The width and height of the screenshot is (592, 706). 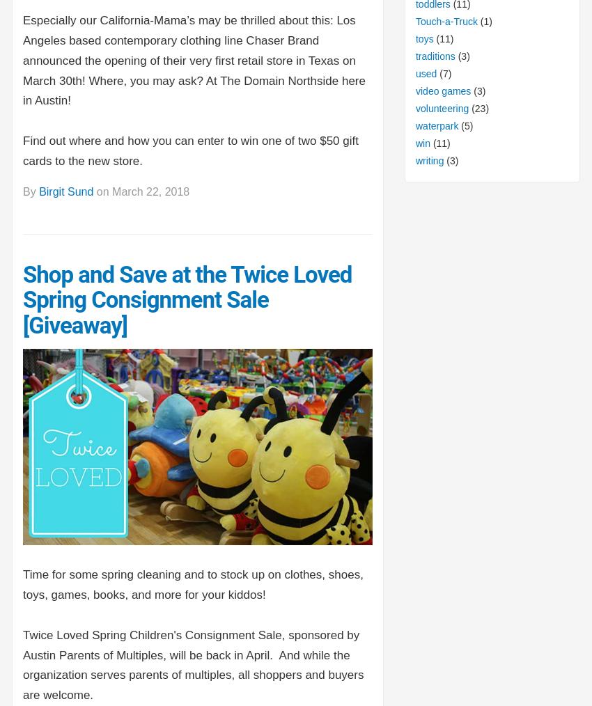 I want to click on 'Time for some spring cleaning and to stock up on clothes, shoes, toys, games, books, and more for your kiddos!', so click(x=192, y=584).